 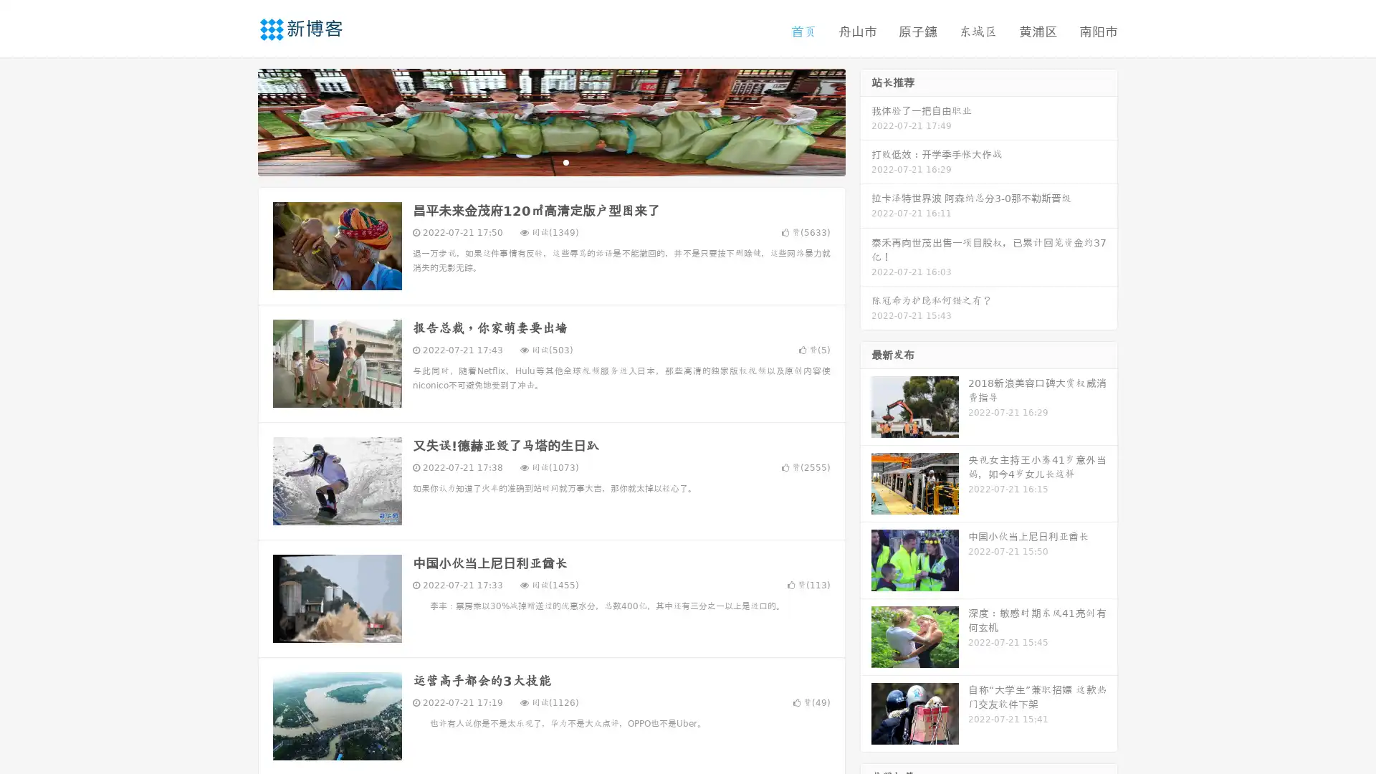 I want to click on Go to slide 3, so click(x=565, y=161).